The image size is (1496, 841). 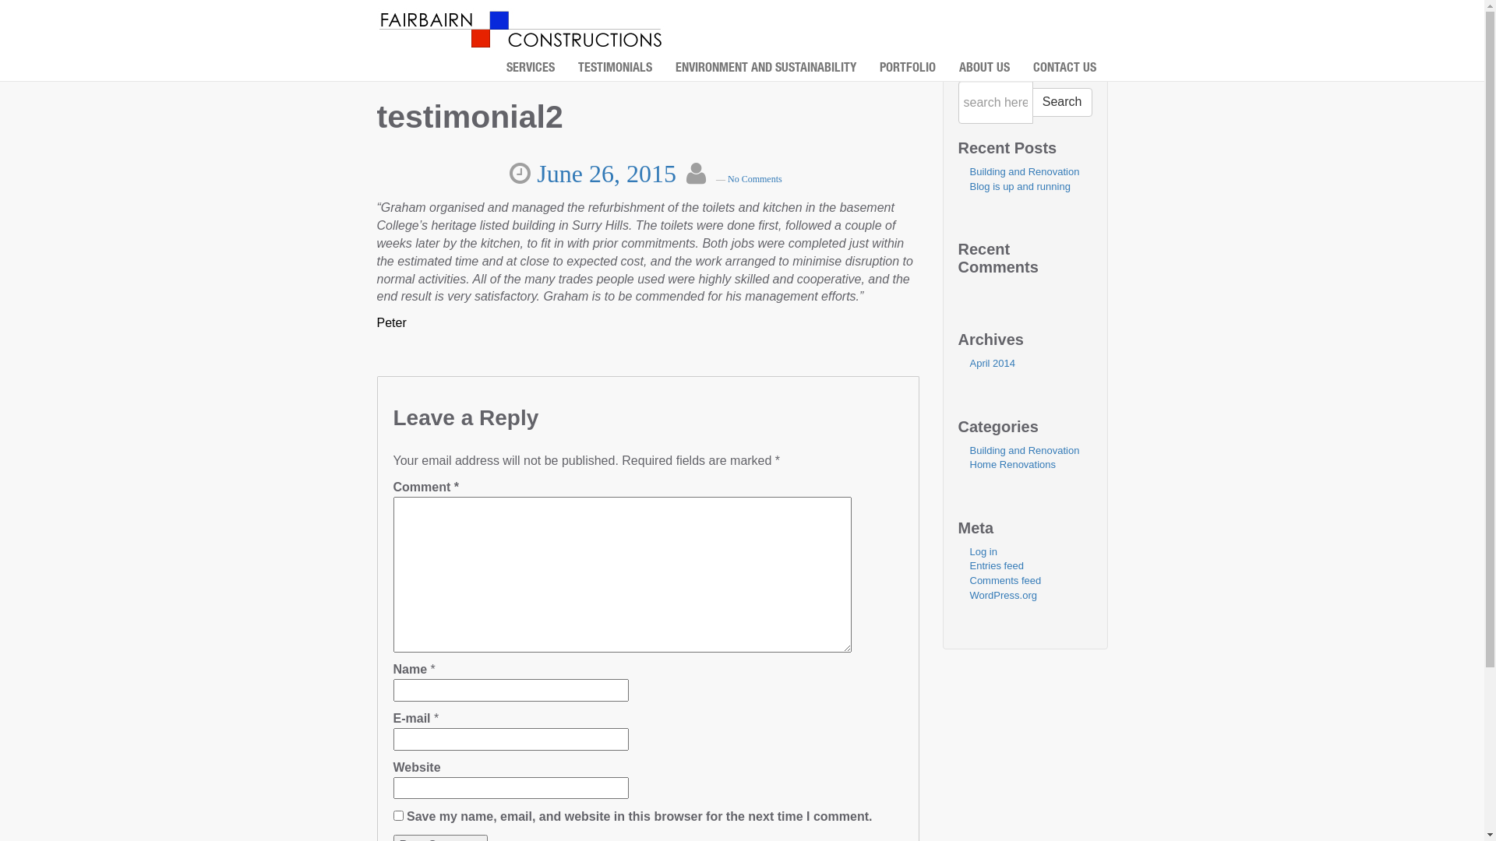 I want to click on 'Log in', so click(x=982, y=551).